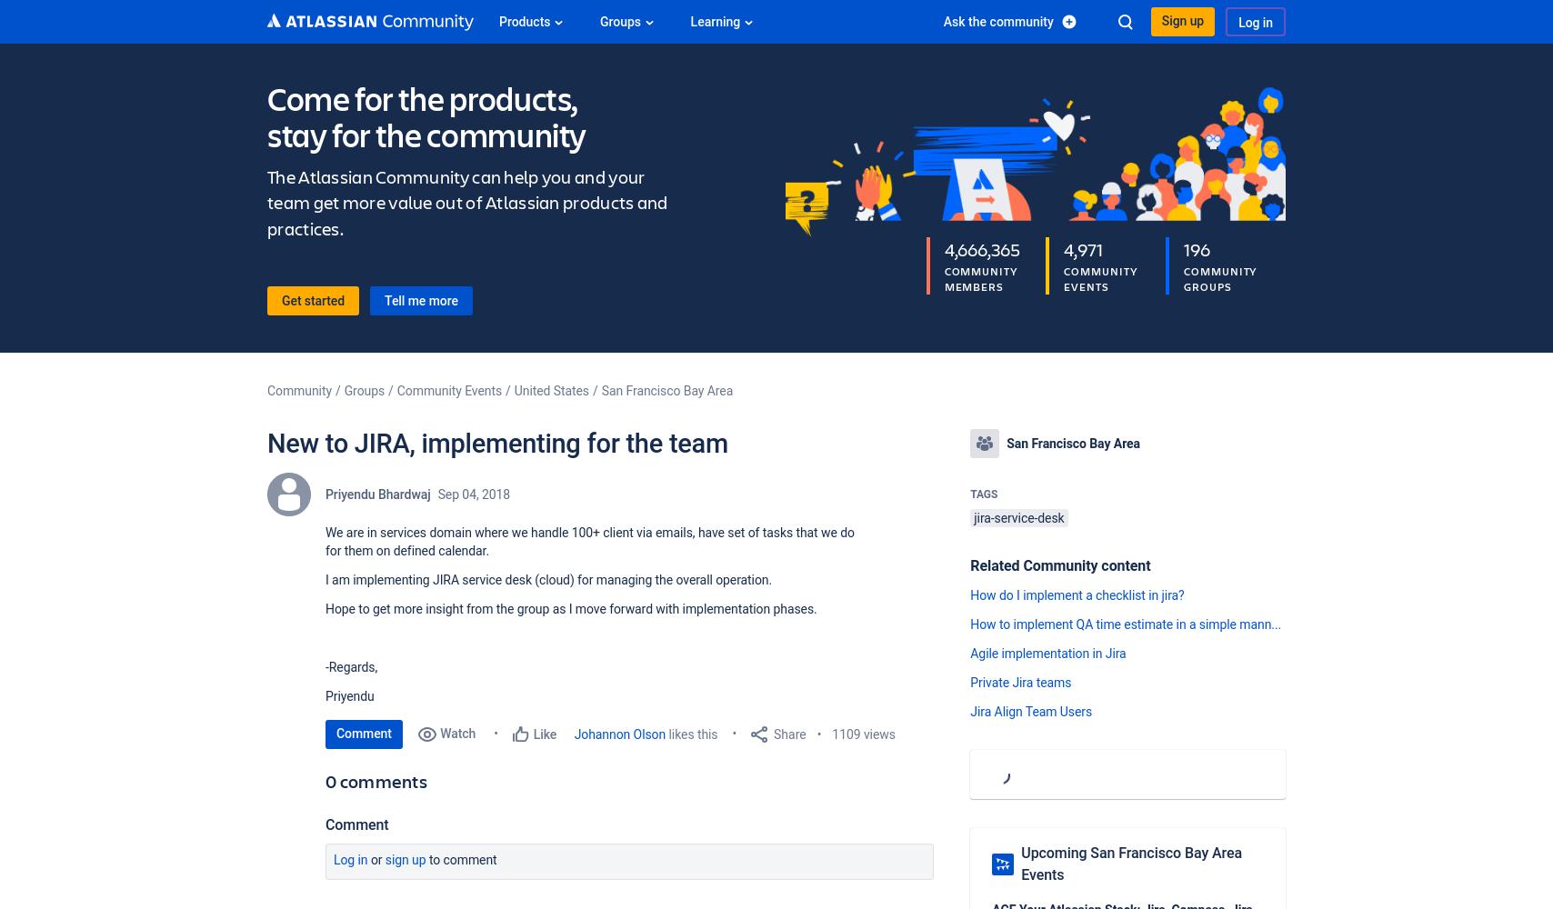  Describe the element at coordinates (943, 249) in the screenshot. I see `'4,666,365'` at that location.